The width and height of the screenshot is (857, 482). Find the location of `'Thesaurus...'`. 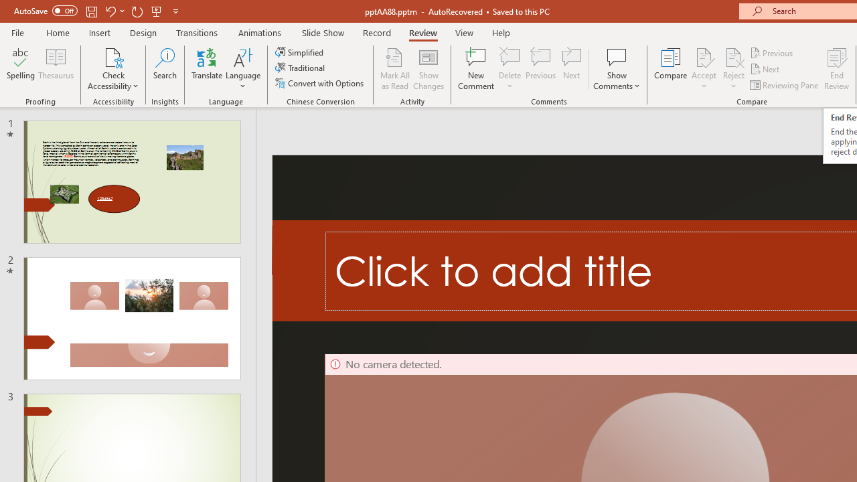

'Thesaurus...' is located at coordinates (55, 69).